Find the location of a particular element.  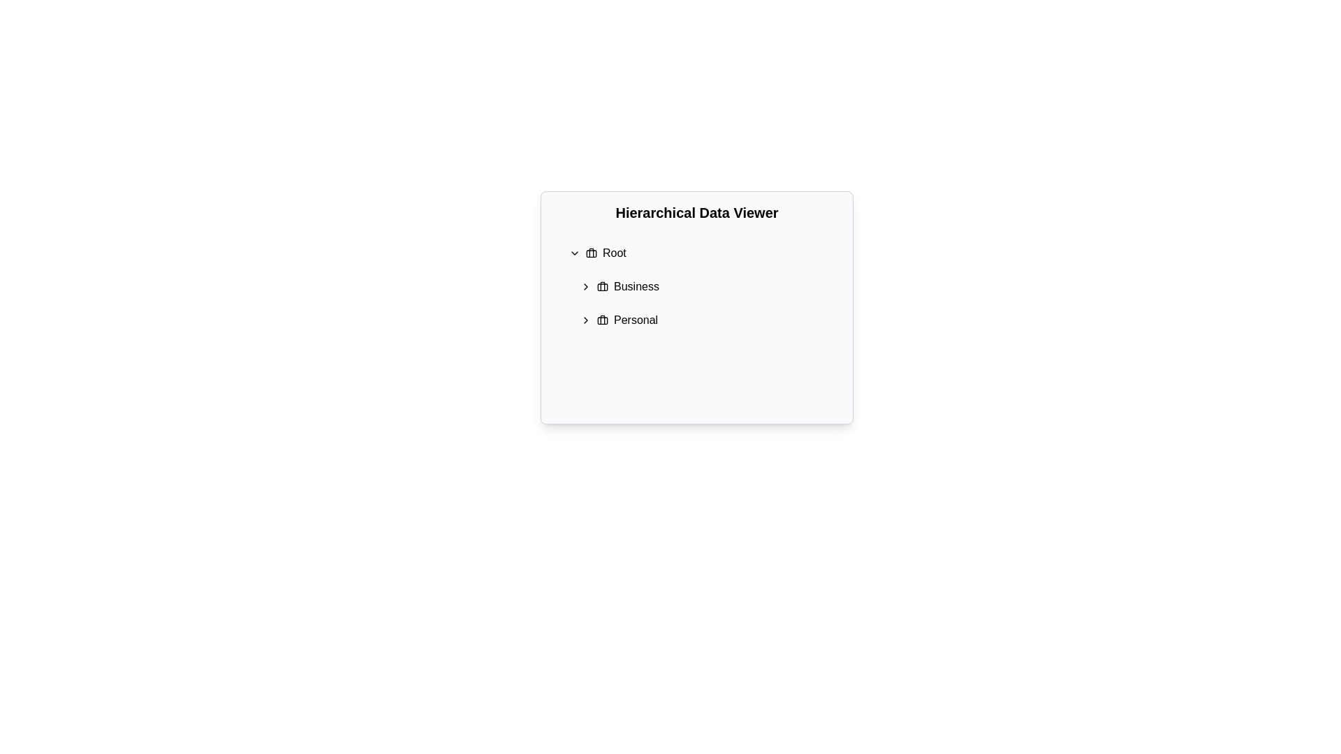

the rectangular Graphical Icon Component resembling a briefcase, which is located to the left of the 'Root' text item in the hierarchical tree structure is located at coordinates (591, 253).